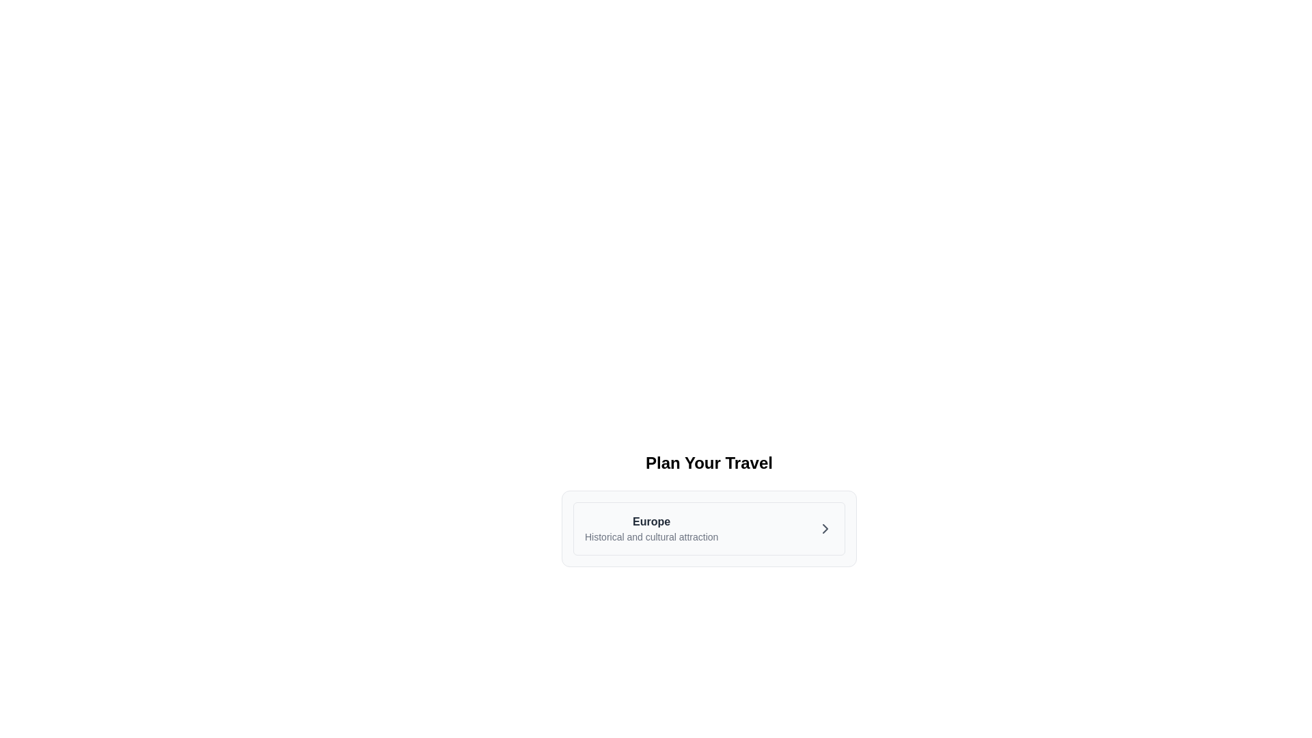  What do you see at coordinates (651, 536) in the screenshot?
I see `the text label that reads 'Historical and cultural attraction', which is located underneath the 'Europe' header and styled with a small gray font` at bounding box center [651, 536].